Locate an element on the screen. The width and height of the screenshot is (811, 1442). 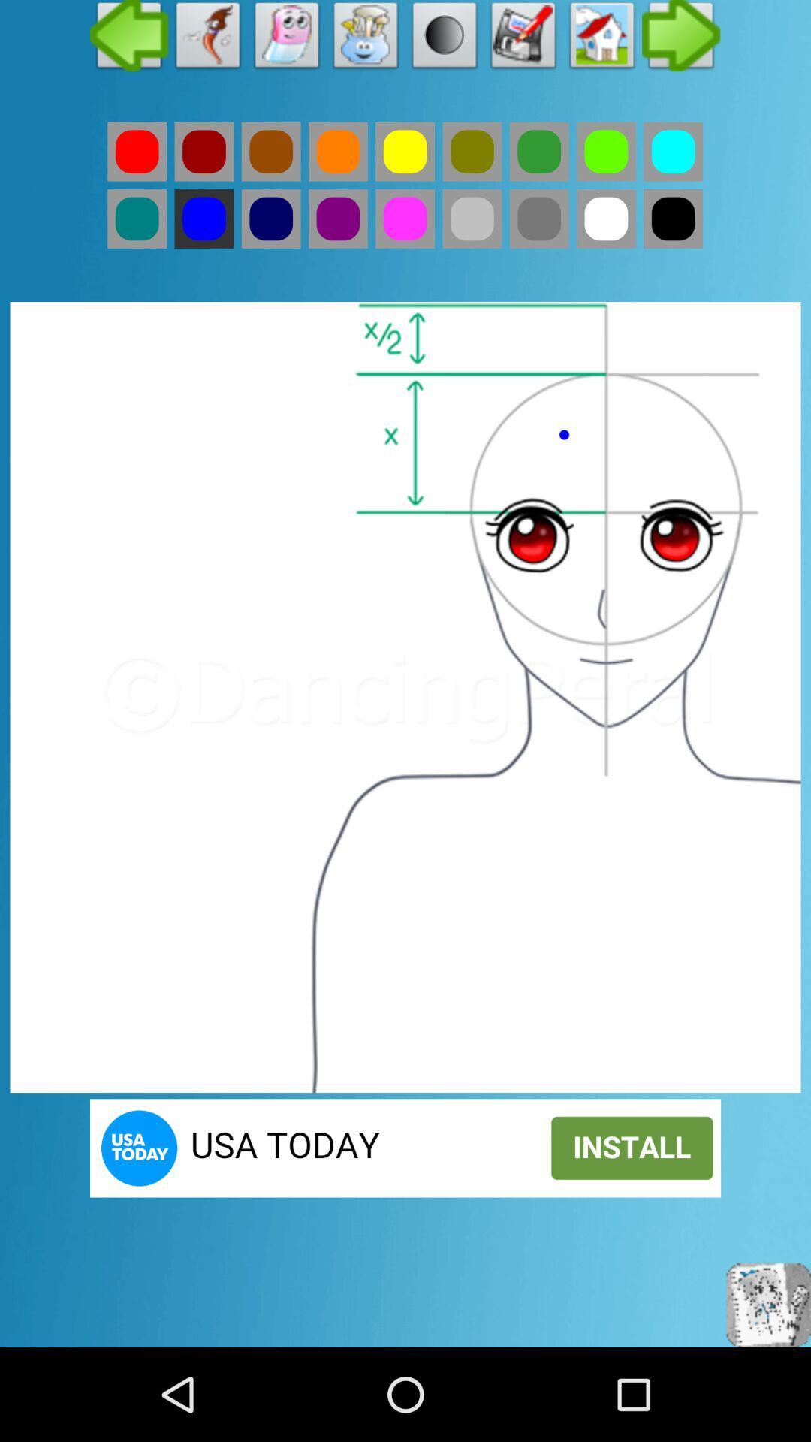
open brush menu is located at coordinates (366, 39).